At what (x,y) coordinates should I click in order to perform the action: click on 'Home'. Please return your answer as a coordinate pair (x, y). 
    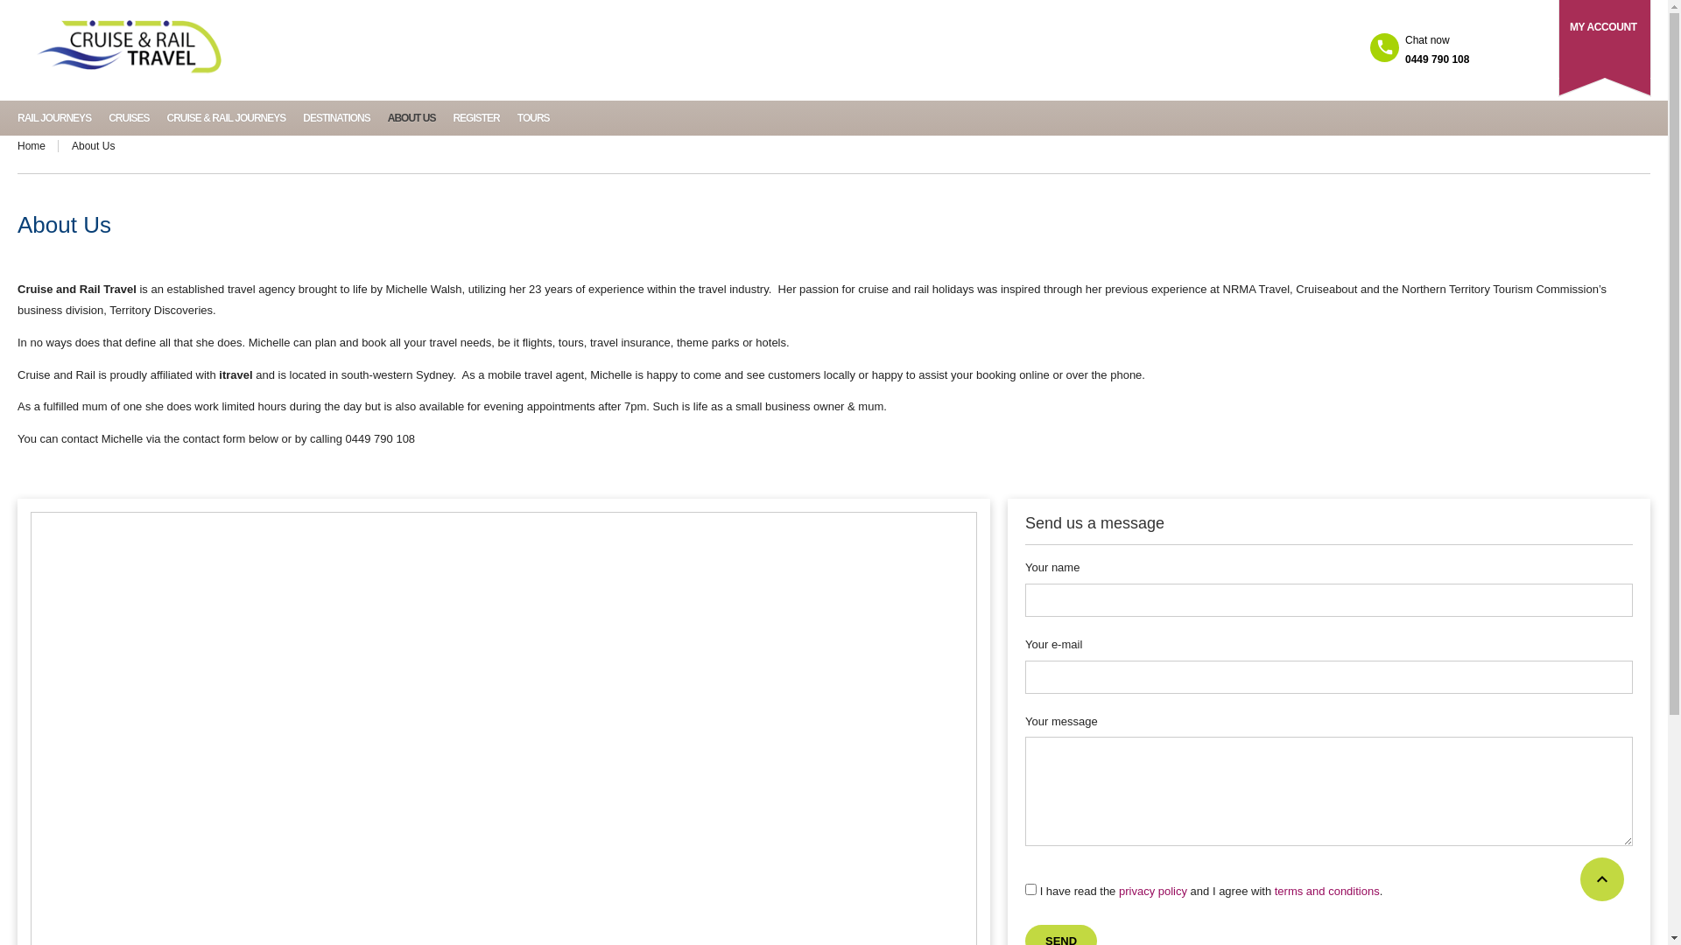
    Looking at the image, I should click on (17, 144).